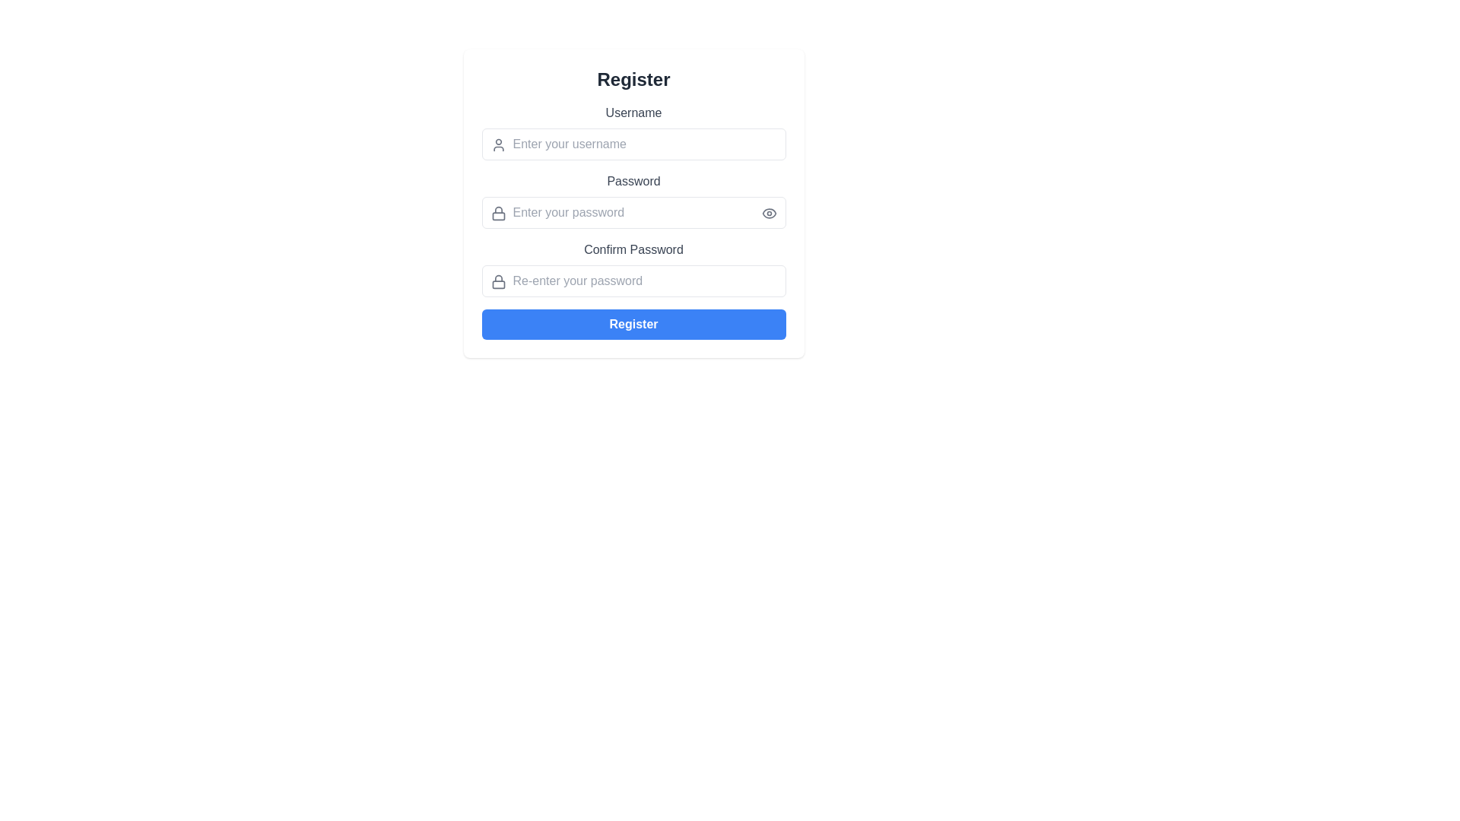 This screenshot has width=1460, height=821. What do you see at coordinates (633, 249) in the screenshot?
I see `the 'Confirm Password' label, which is styled in a medium-weight gray font and positioned above the re-enter password input field in the form layout` at bounding box center [633, 249].